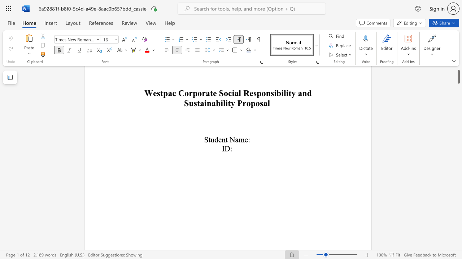  What do you see at coordinates (458, 71) in the screenshot?
I see `the scrollbar and move up 80 pixels` at bounding box center [458, 71].